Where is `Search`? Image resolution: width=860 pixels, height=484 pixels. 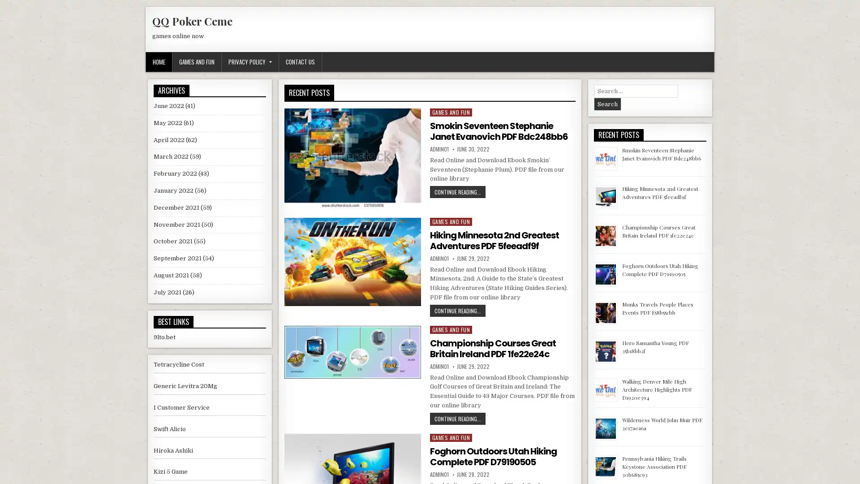
Search is located at coordinates (607, 104).